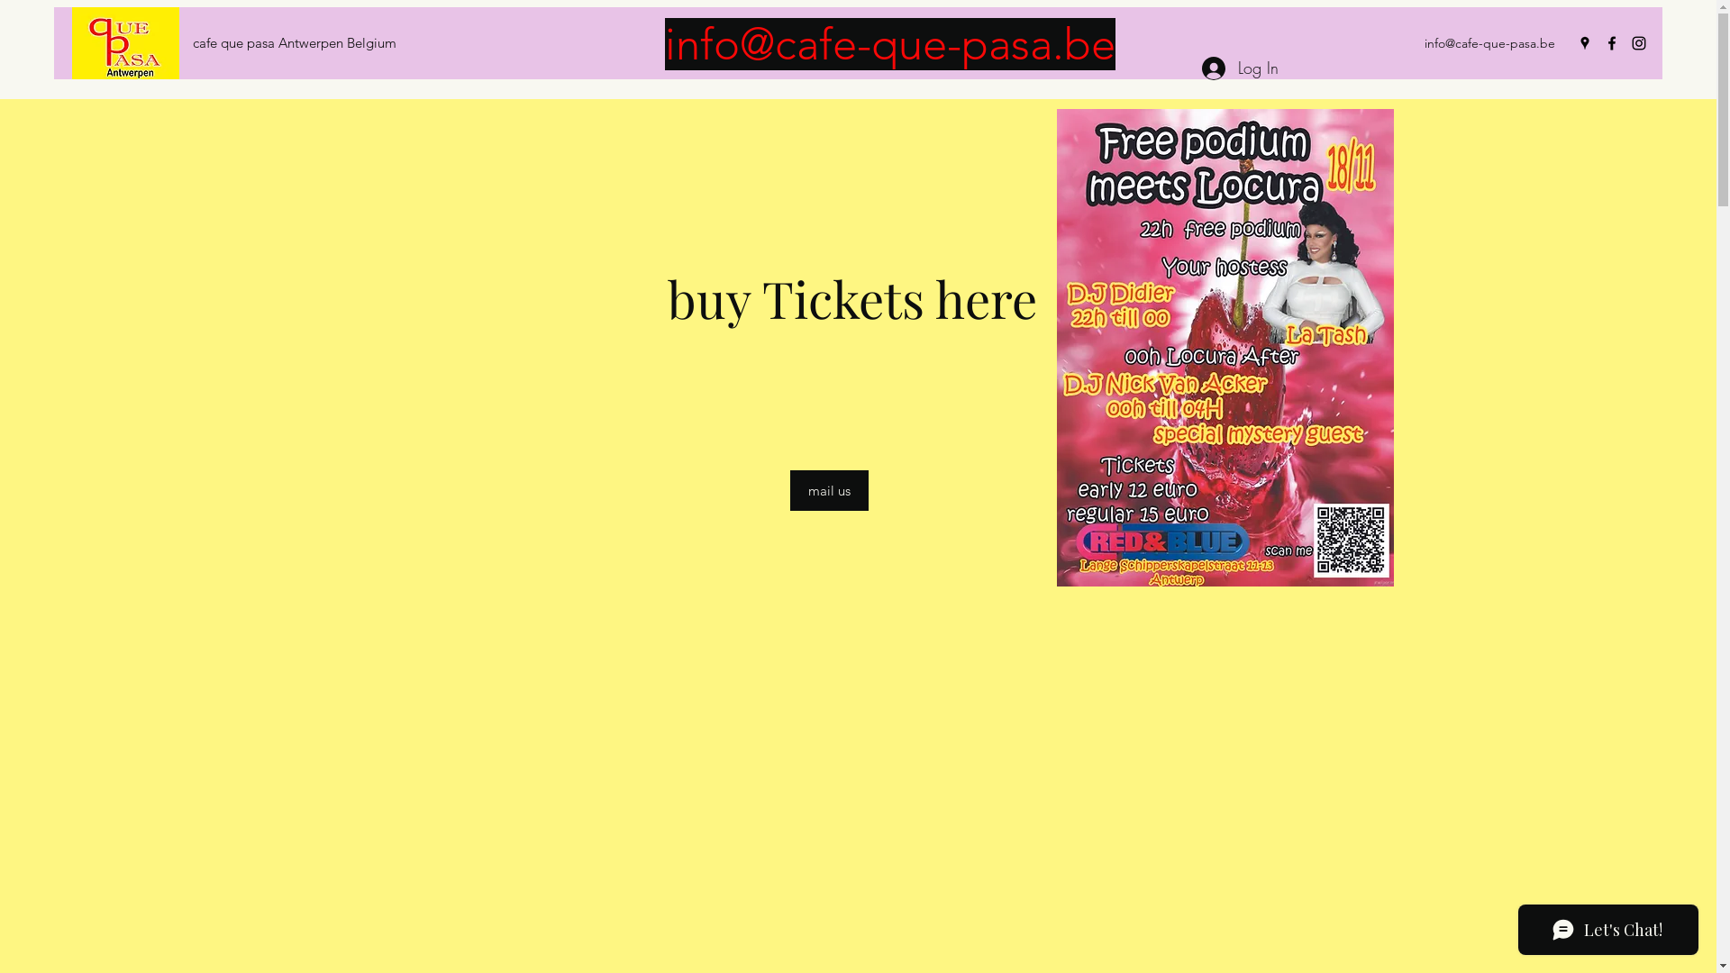 This screenshot has width=1730, height=973. Describe the element at coordinates (827, 490) in the screenshot. I see `'mail us'` at that location.